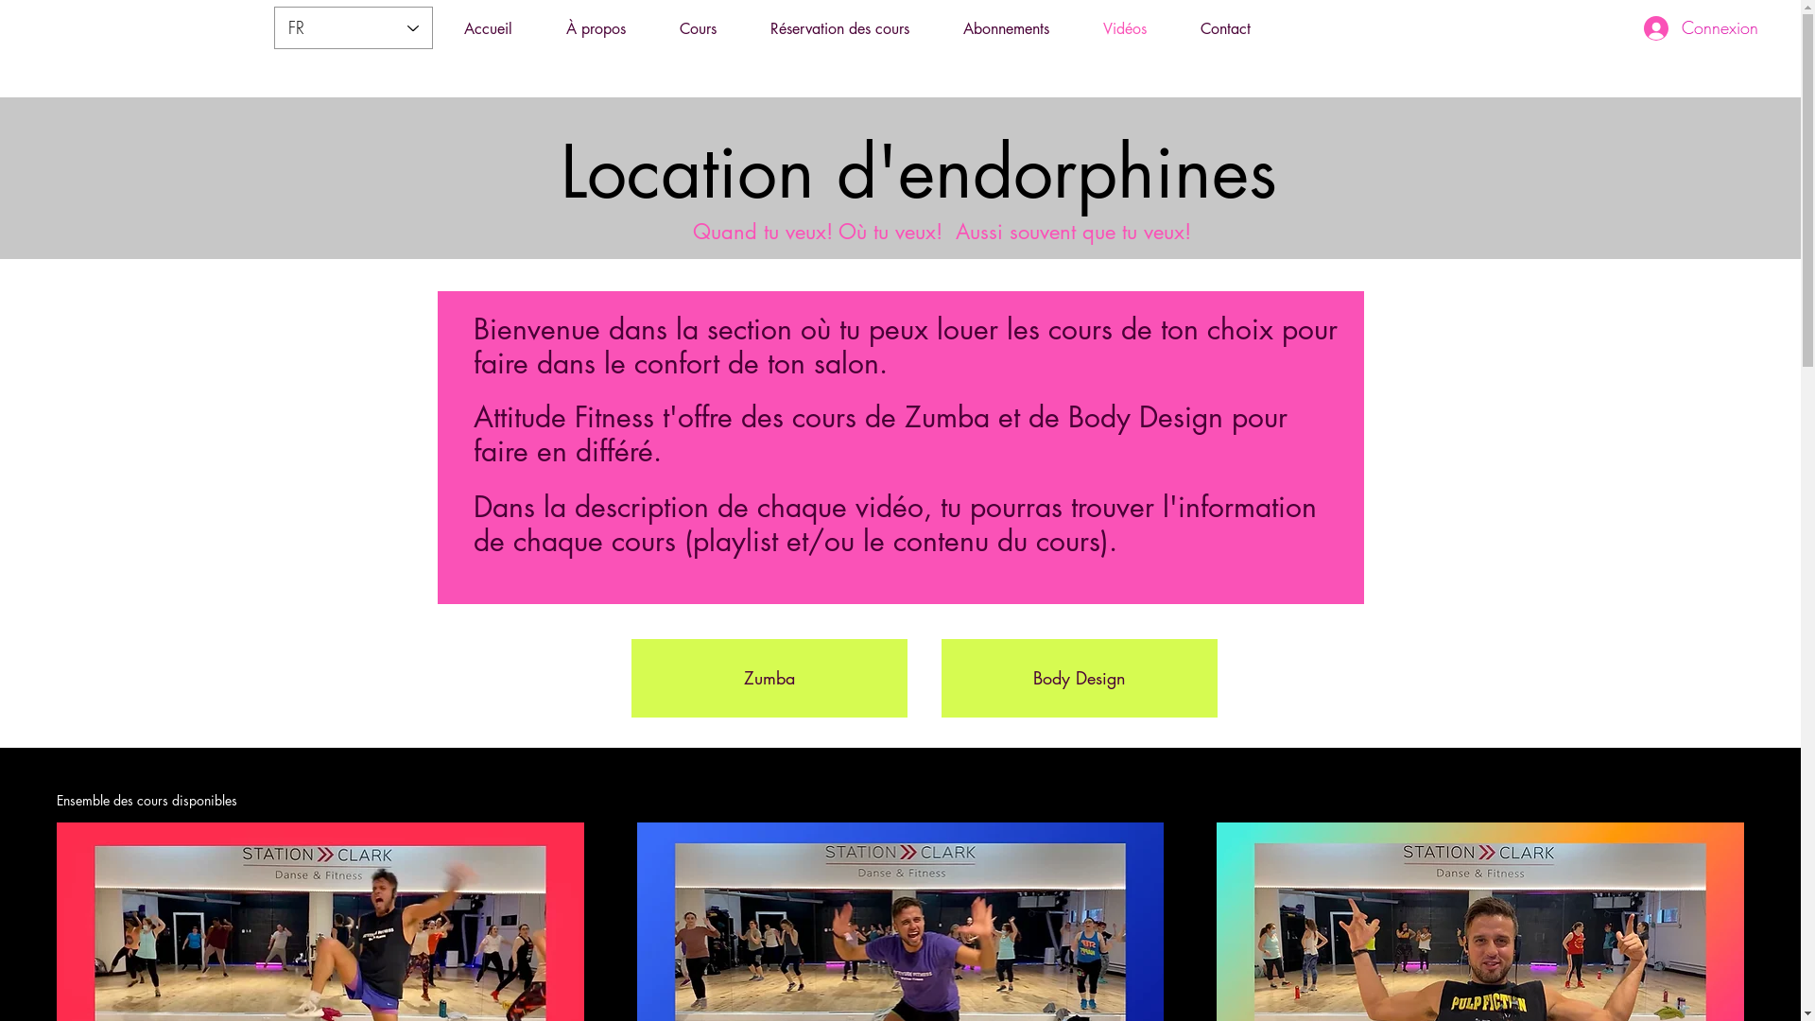  Describe the element at coordinates (1005, 28) in the screenshot. I see `'Abonnements'` at that location.